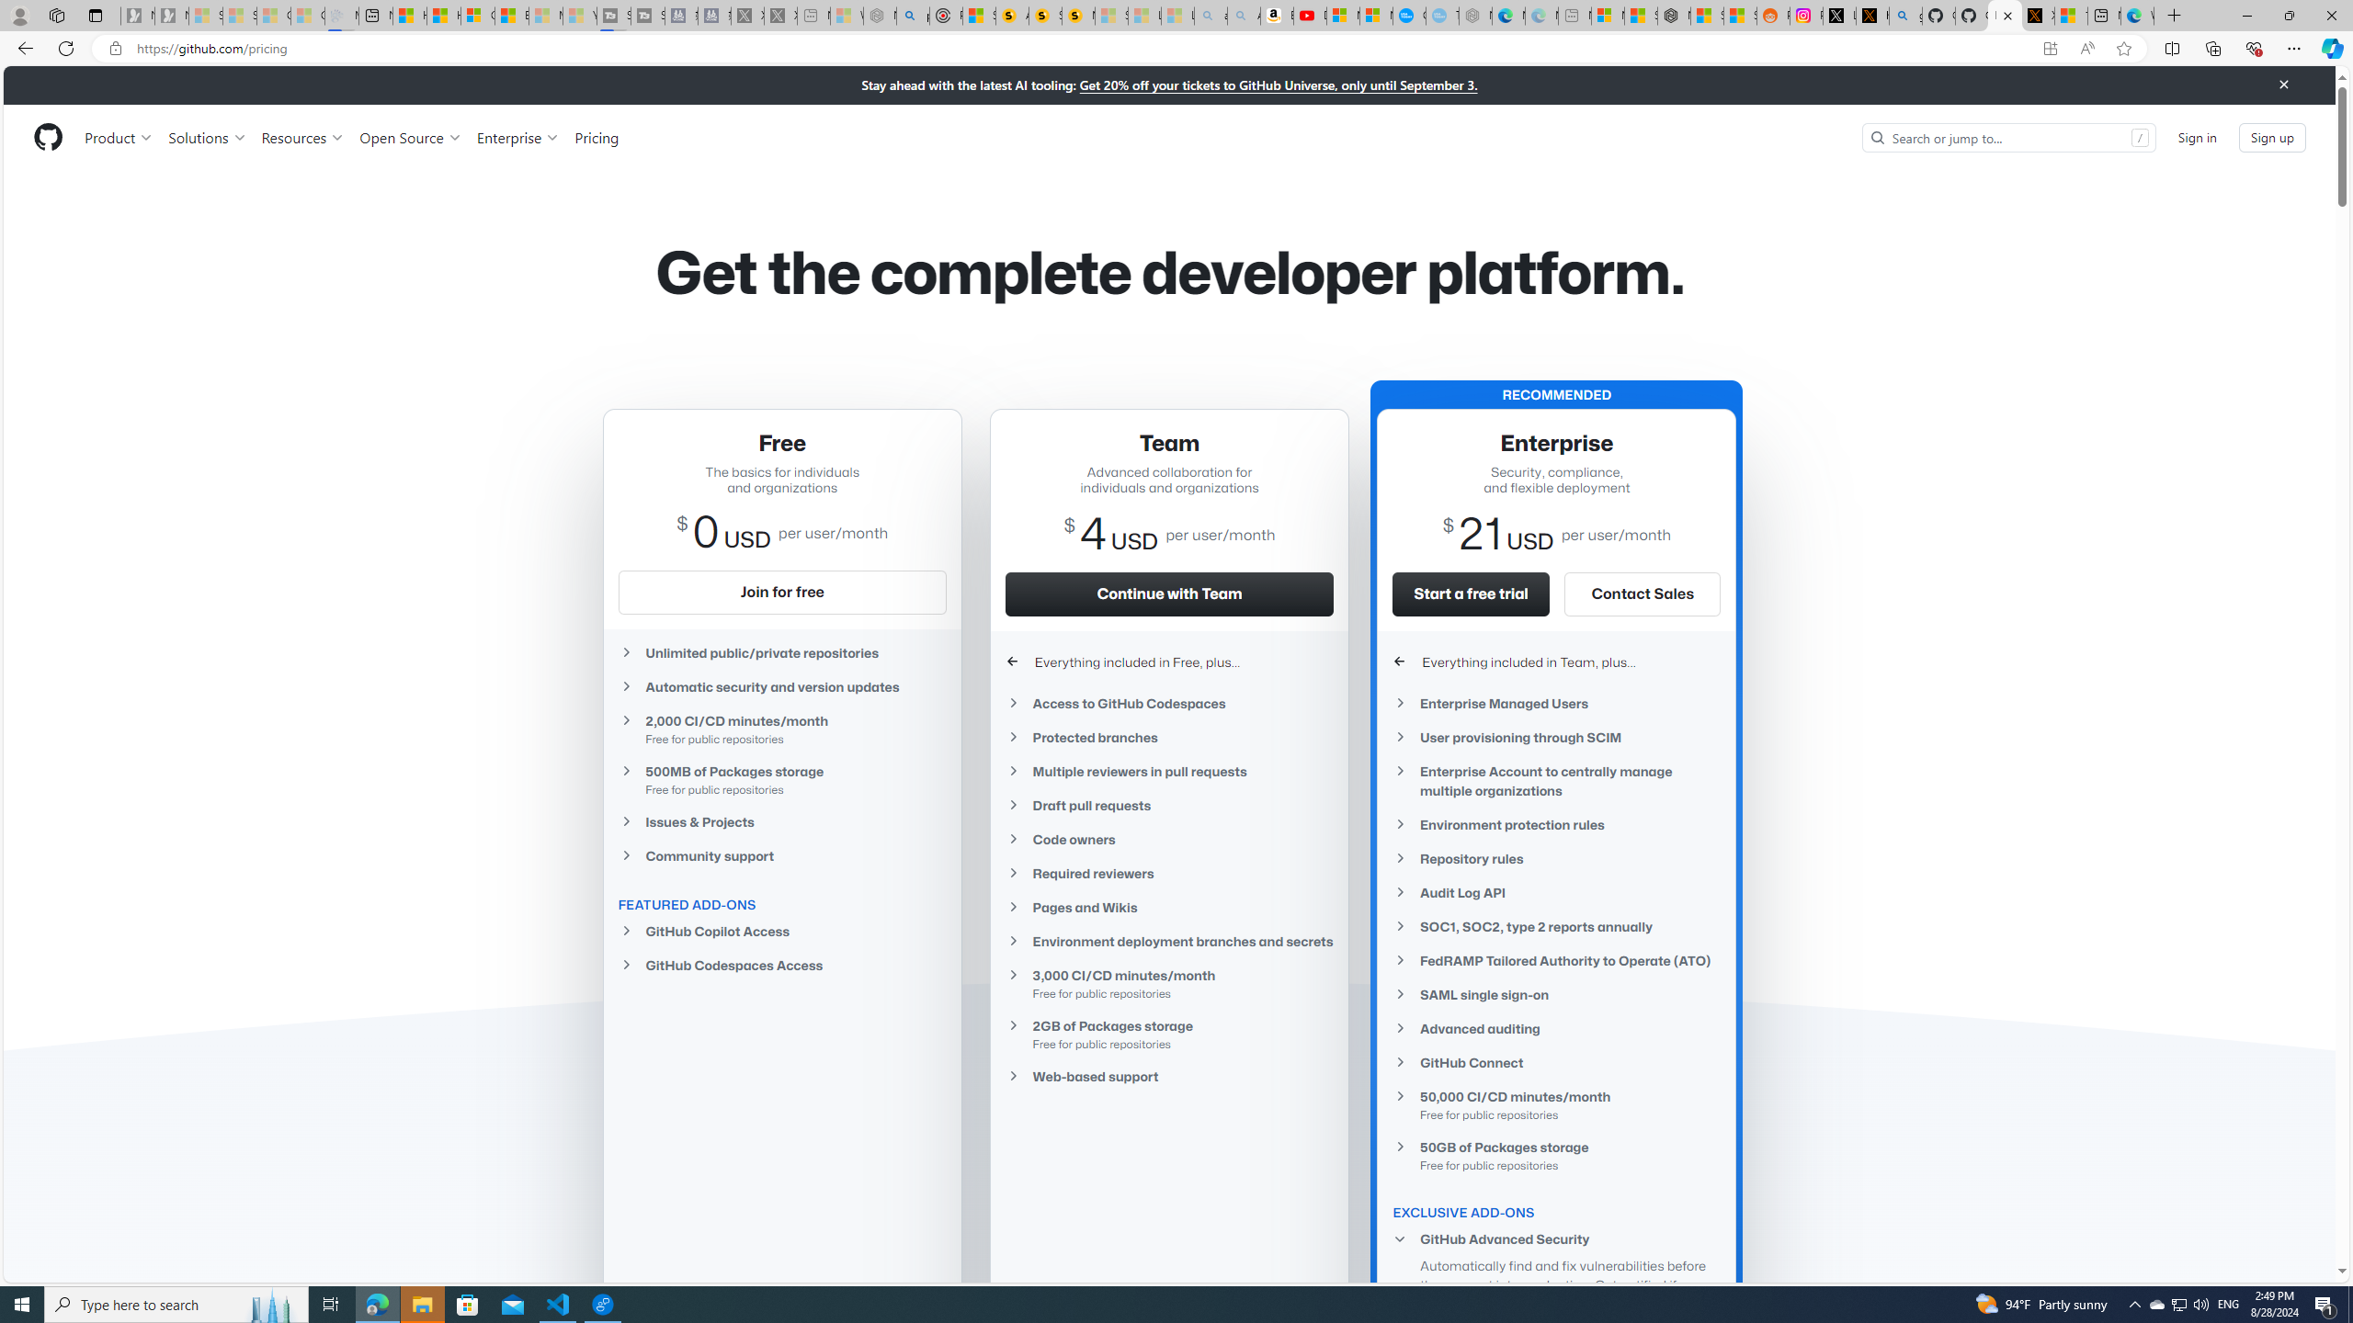 The width and height of the screenshot is (2353, 1323). Describe the element at coordinates (1556, 925) in the screenshot. I see `'SOC1, SOC2, type 2 reports annually'` at that location.